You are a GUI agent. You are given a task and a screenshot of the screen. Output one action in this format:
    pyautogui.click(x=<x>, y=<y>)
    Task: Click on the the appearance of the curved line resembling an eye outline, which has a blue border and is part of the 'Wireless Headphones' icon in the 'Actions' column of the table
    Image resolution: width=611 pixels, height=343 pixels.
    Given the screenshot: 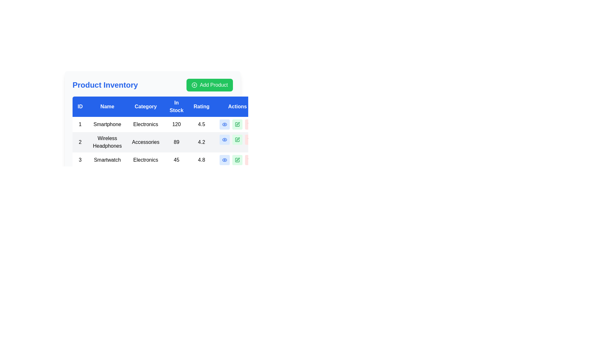 What is the action you would take?
    pyautogui.click(x=225, y=139)
    